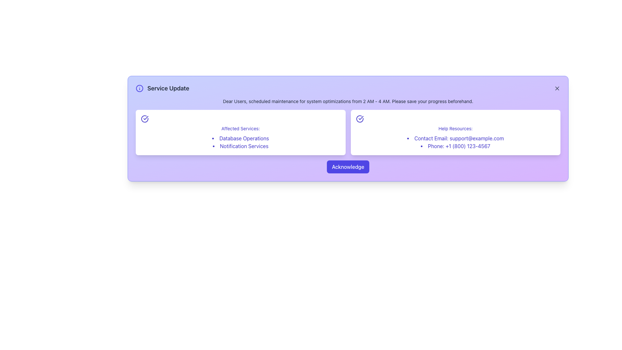  Describe the element at coordinates (455, 142) in the screenshot. I see `the text block containing contact information located directly below the 'Help Resources:' heading in the right-hand content box` at that location.